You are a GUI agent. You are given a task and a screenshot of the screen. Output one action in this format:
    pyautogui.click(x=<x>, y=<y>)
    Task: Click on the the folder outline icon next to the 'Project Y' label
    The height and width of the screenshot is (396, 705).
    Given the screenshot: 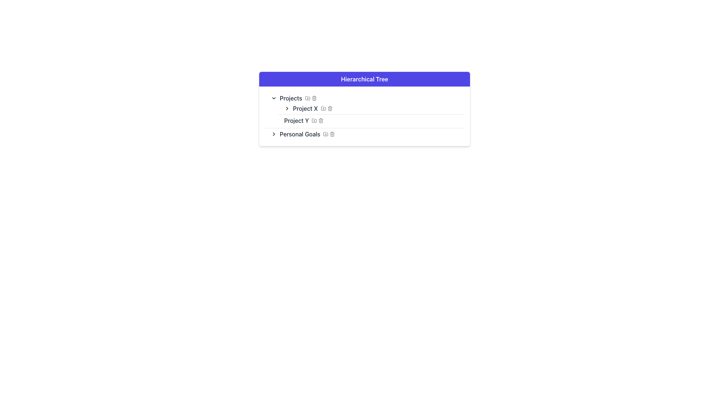 What is the action you would take?
    pyautogui.click(x=314, y=120)
    